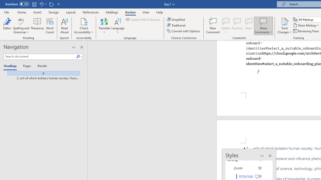 This screenshot has width=321, height=180. Describe the element at coordinates (284, 26) in the screenshot. I see `'Track Changes'` at that location.